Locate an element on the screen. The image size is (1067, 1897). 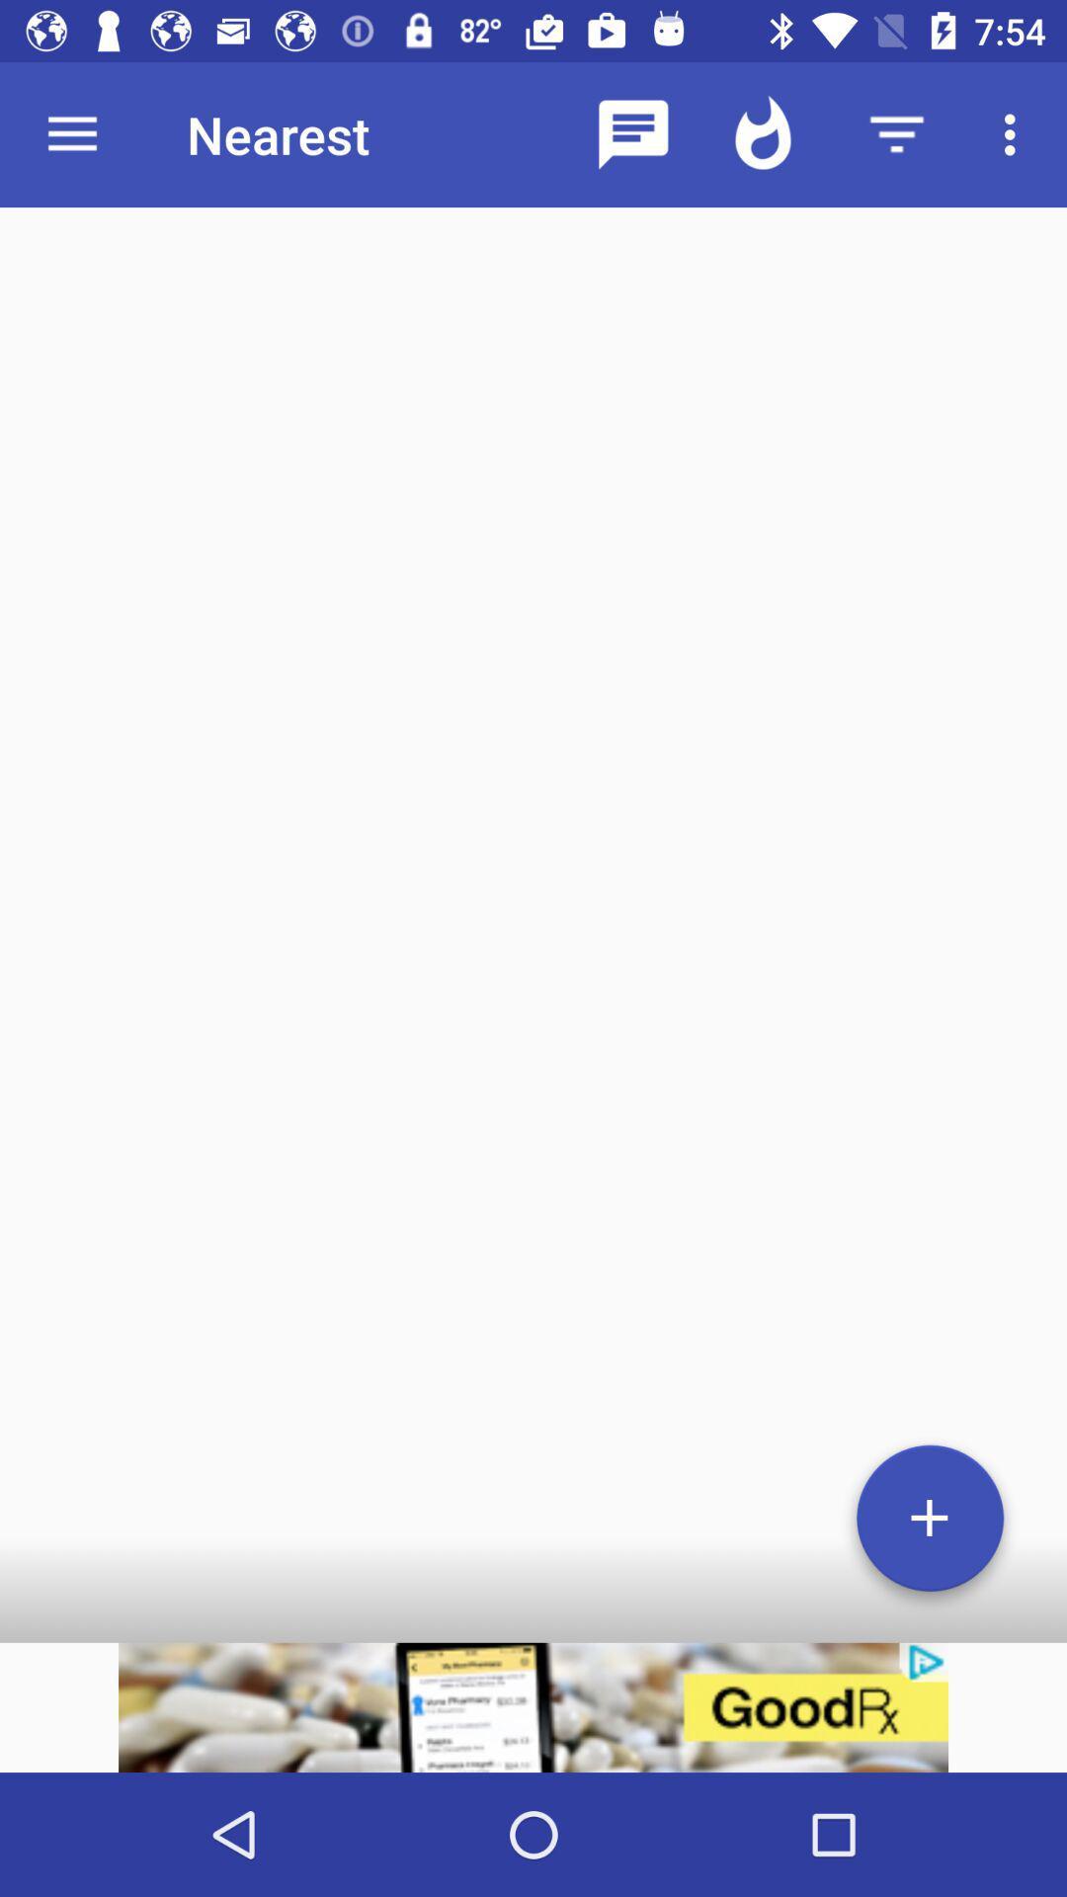
the add icon is located at coordinates (930, 1525).